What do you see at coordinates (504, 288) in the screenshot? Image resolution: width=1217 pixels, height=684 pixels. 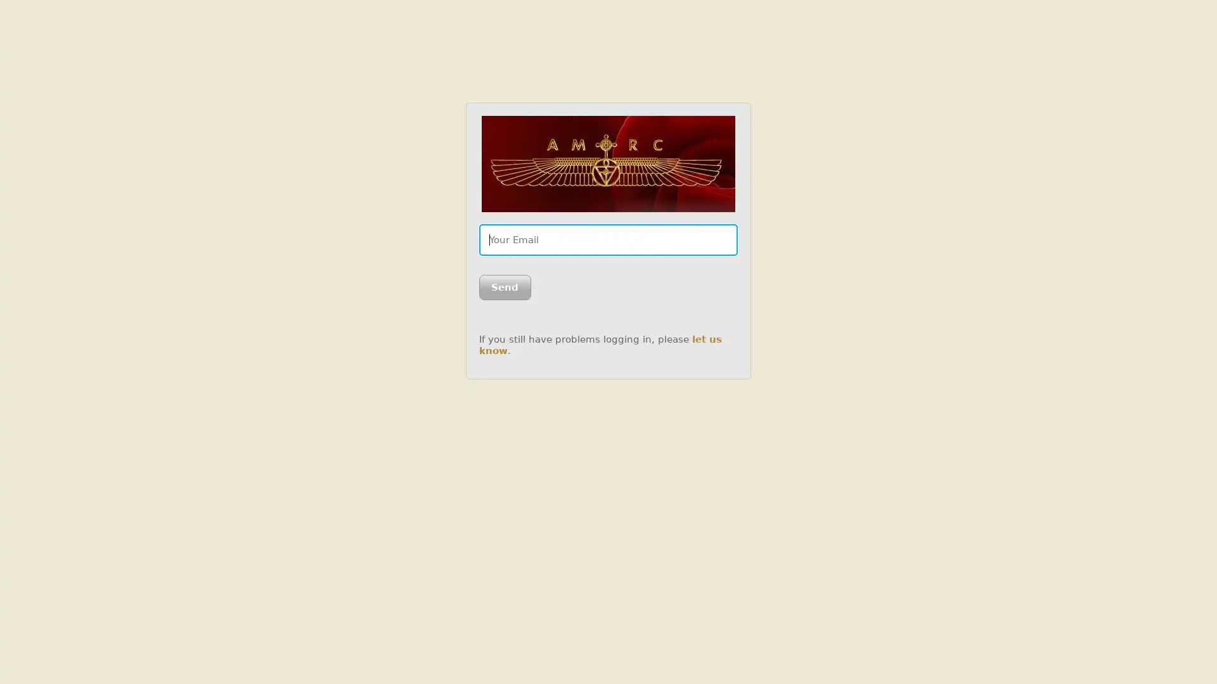 I see `Send` at bounding box center [504, 288].